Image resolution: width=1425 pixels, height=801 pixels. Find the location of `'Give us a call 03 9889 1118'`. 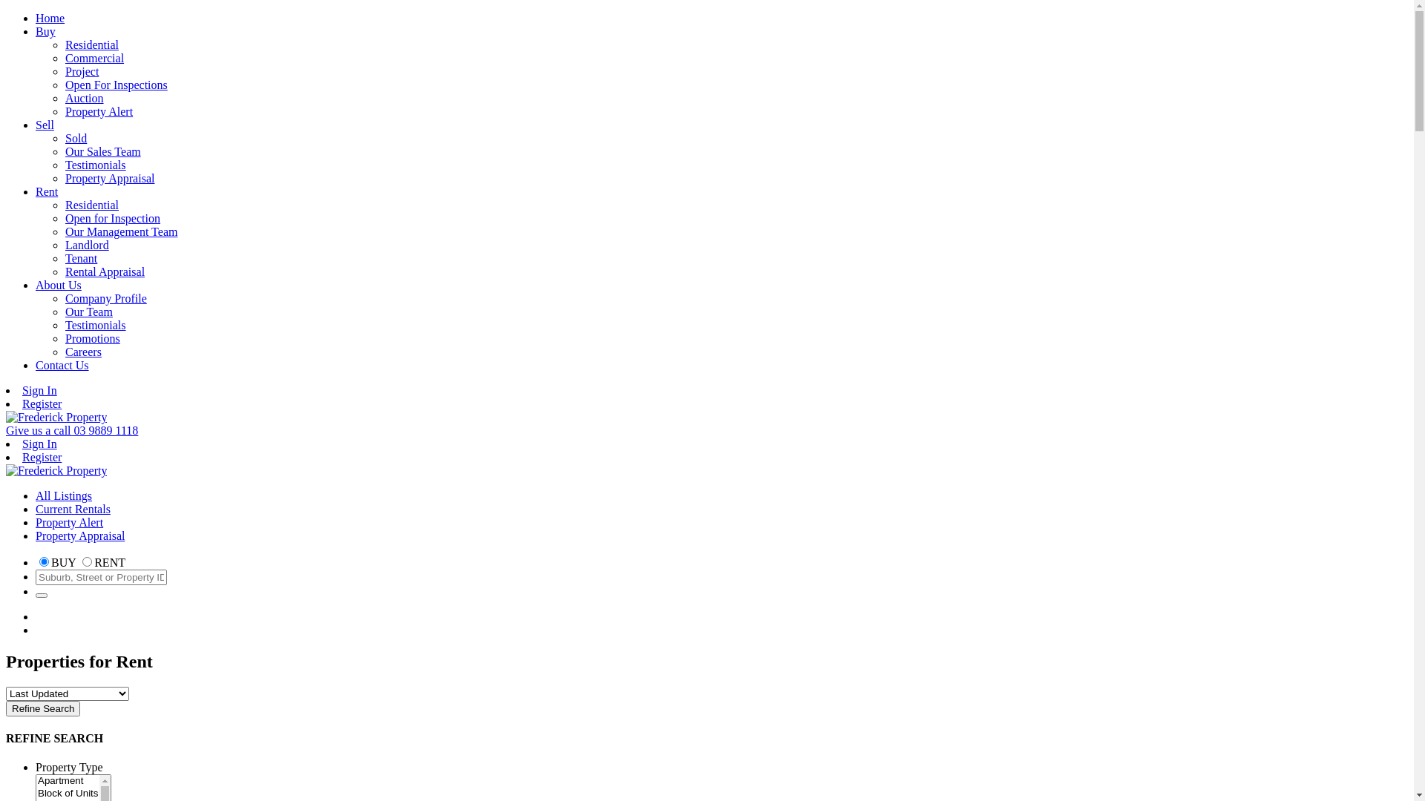

'Give us a call 03 9889 1118' is located at coordinates (71, 430).